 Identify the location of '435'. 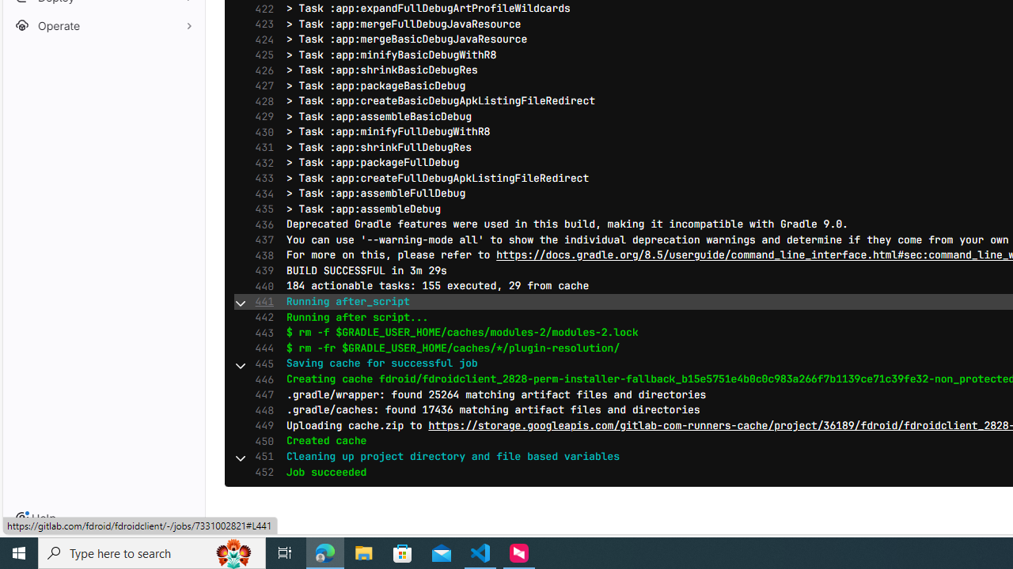
(260, 208).